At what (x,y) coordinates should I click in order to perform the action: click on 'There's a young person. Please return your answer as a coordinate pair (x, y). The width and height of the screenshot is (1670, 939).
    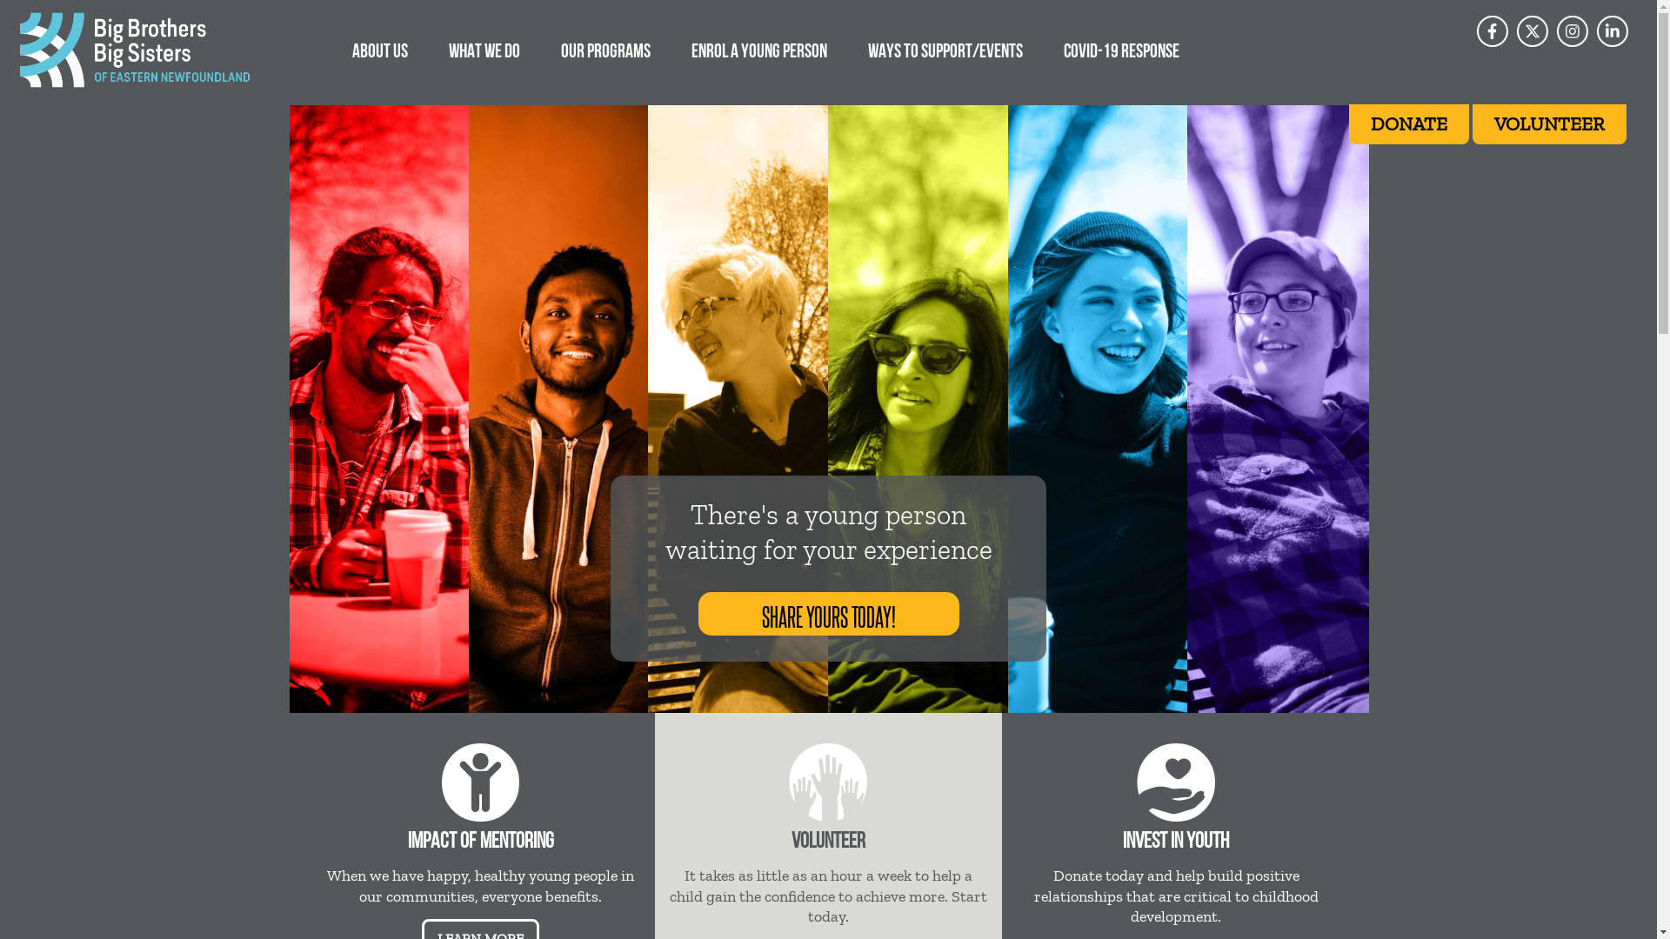
    Looking at the image, I should click on (826, 532).